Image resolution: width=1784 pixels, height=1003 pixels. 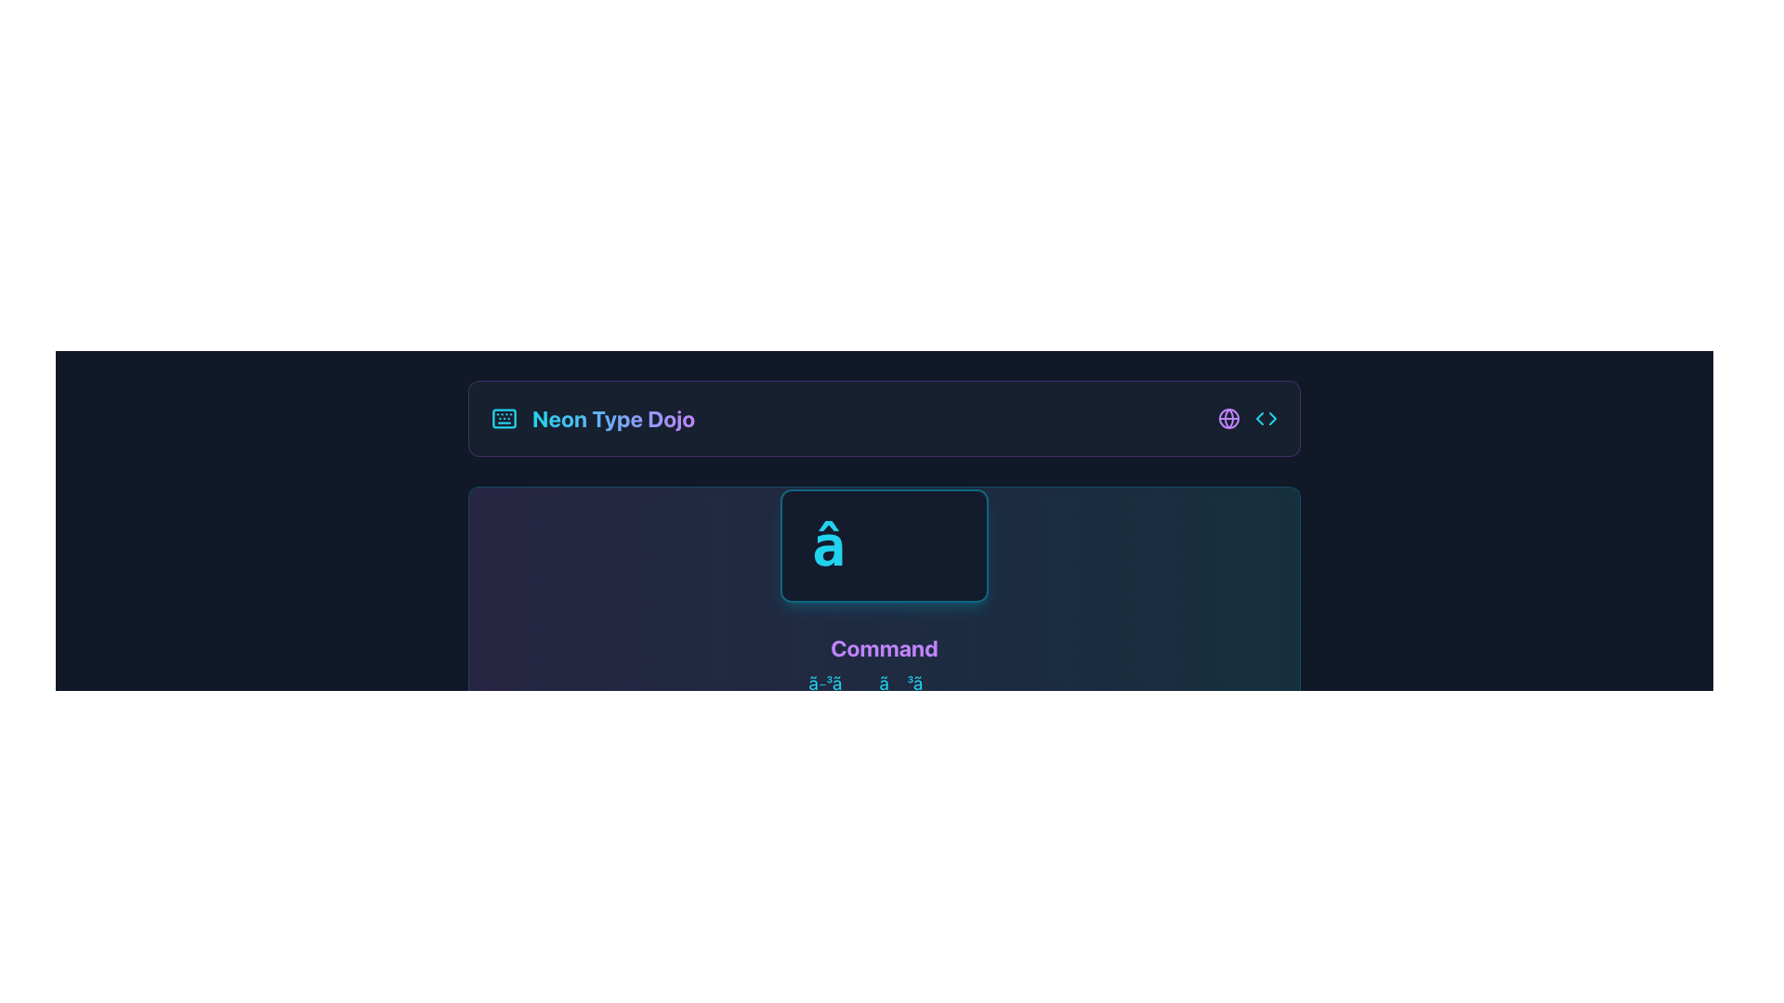 I want to click on the informational text block located below the large bold cyan symbol, which contains the 'Command' text at the top and blue stylized characters beneath it, so click(x=883, y=606).